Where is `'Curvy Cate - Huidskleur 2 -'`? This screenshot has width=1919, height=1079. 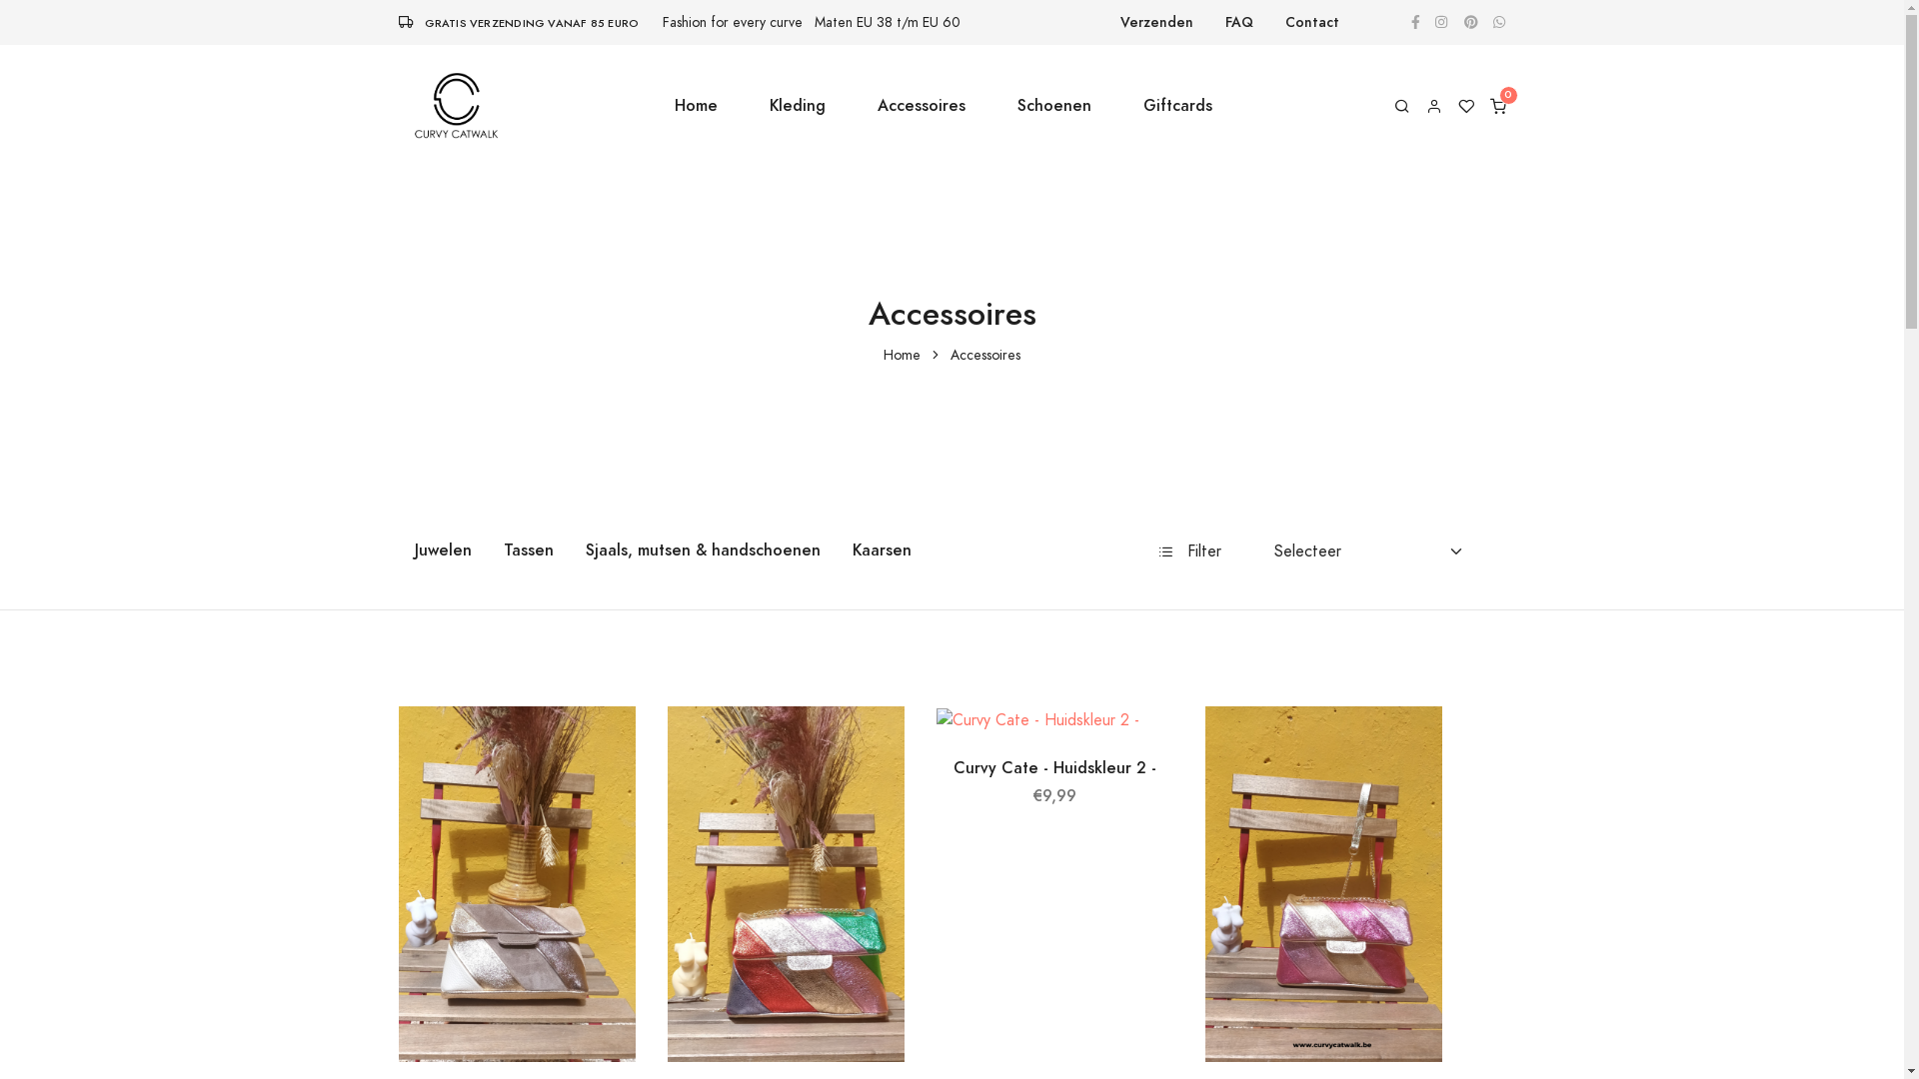 'Curvy Cate - Huidskleur 2 -' is located at coordinates (1053, 766).